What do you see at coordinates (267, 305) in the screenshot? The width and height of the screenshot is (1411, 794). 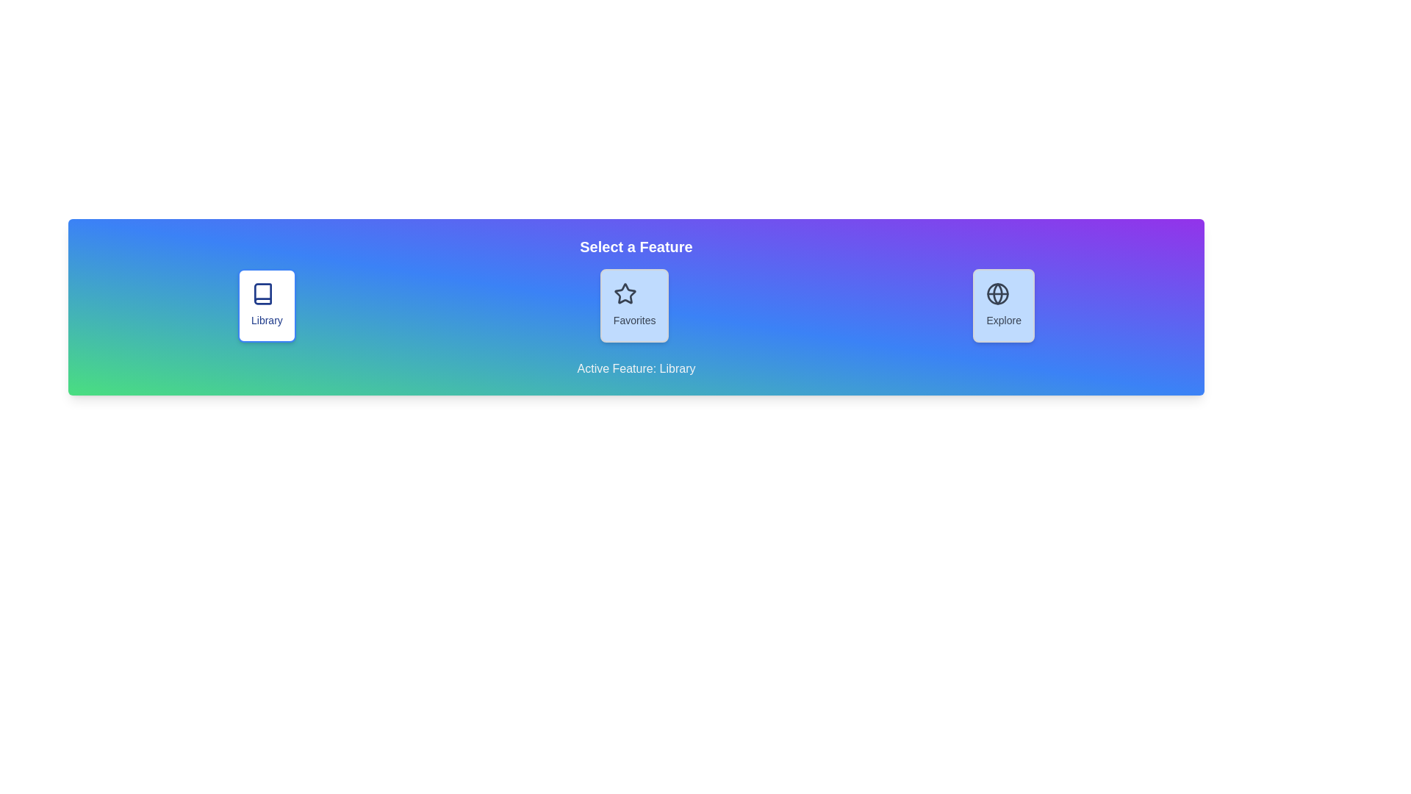 I see `the Library button to select it` at bounding box center [267, 305].